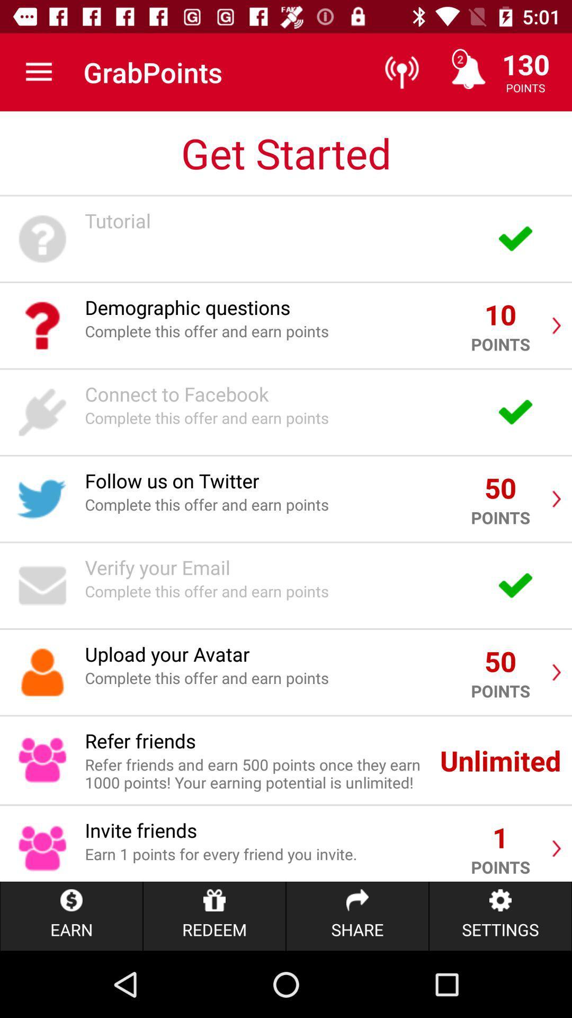  Describe the element at coordinates (501, 916) in the screenshot. I see `settings icon` at that location.